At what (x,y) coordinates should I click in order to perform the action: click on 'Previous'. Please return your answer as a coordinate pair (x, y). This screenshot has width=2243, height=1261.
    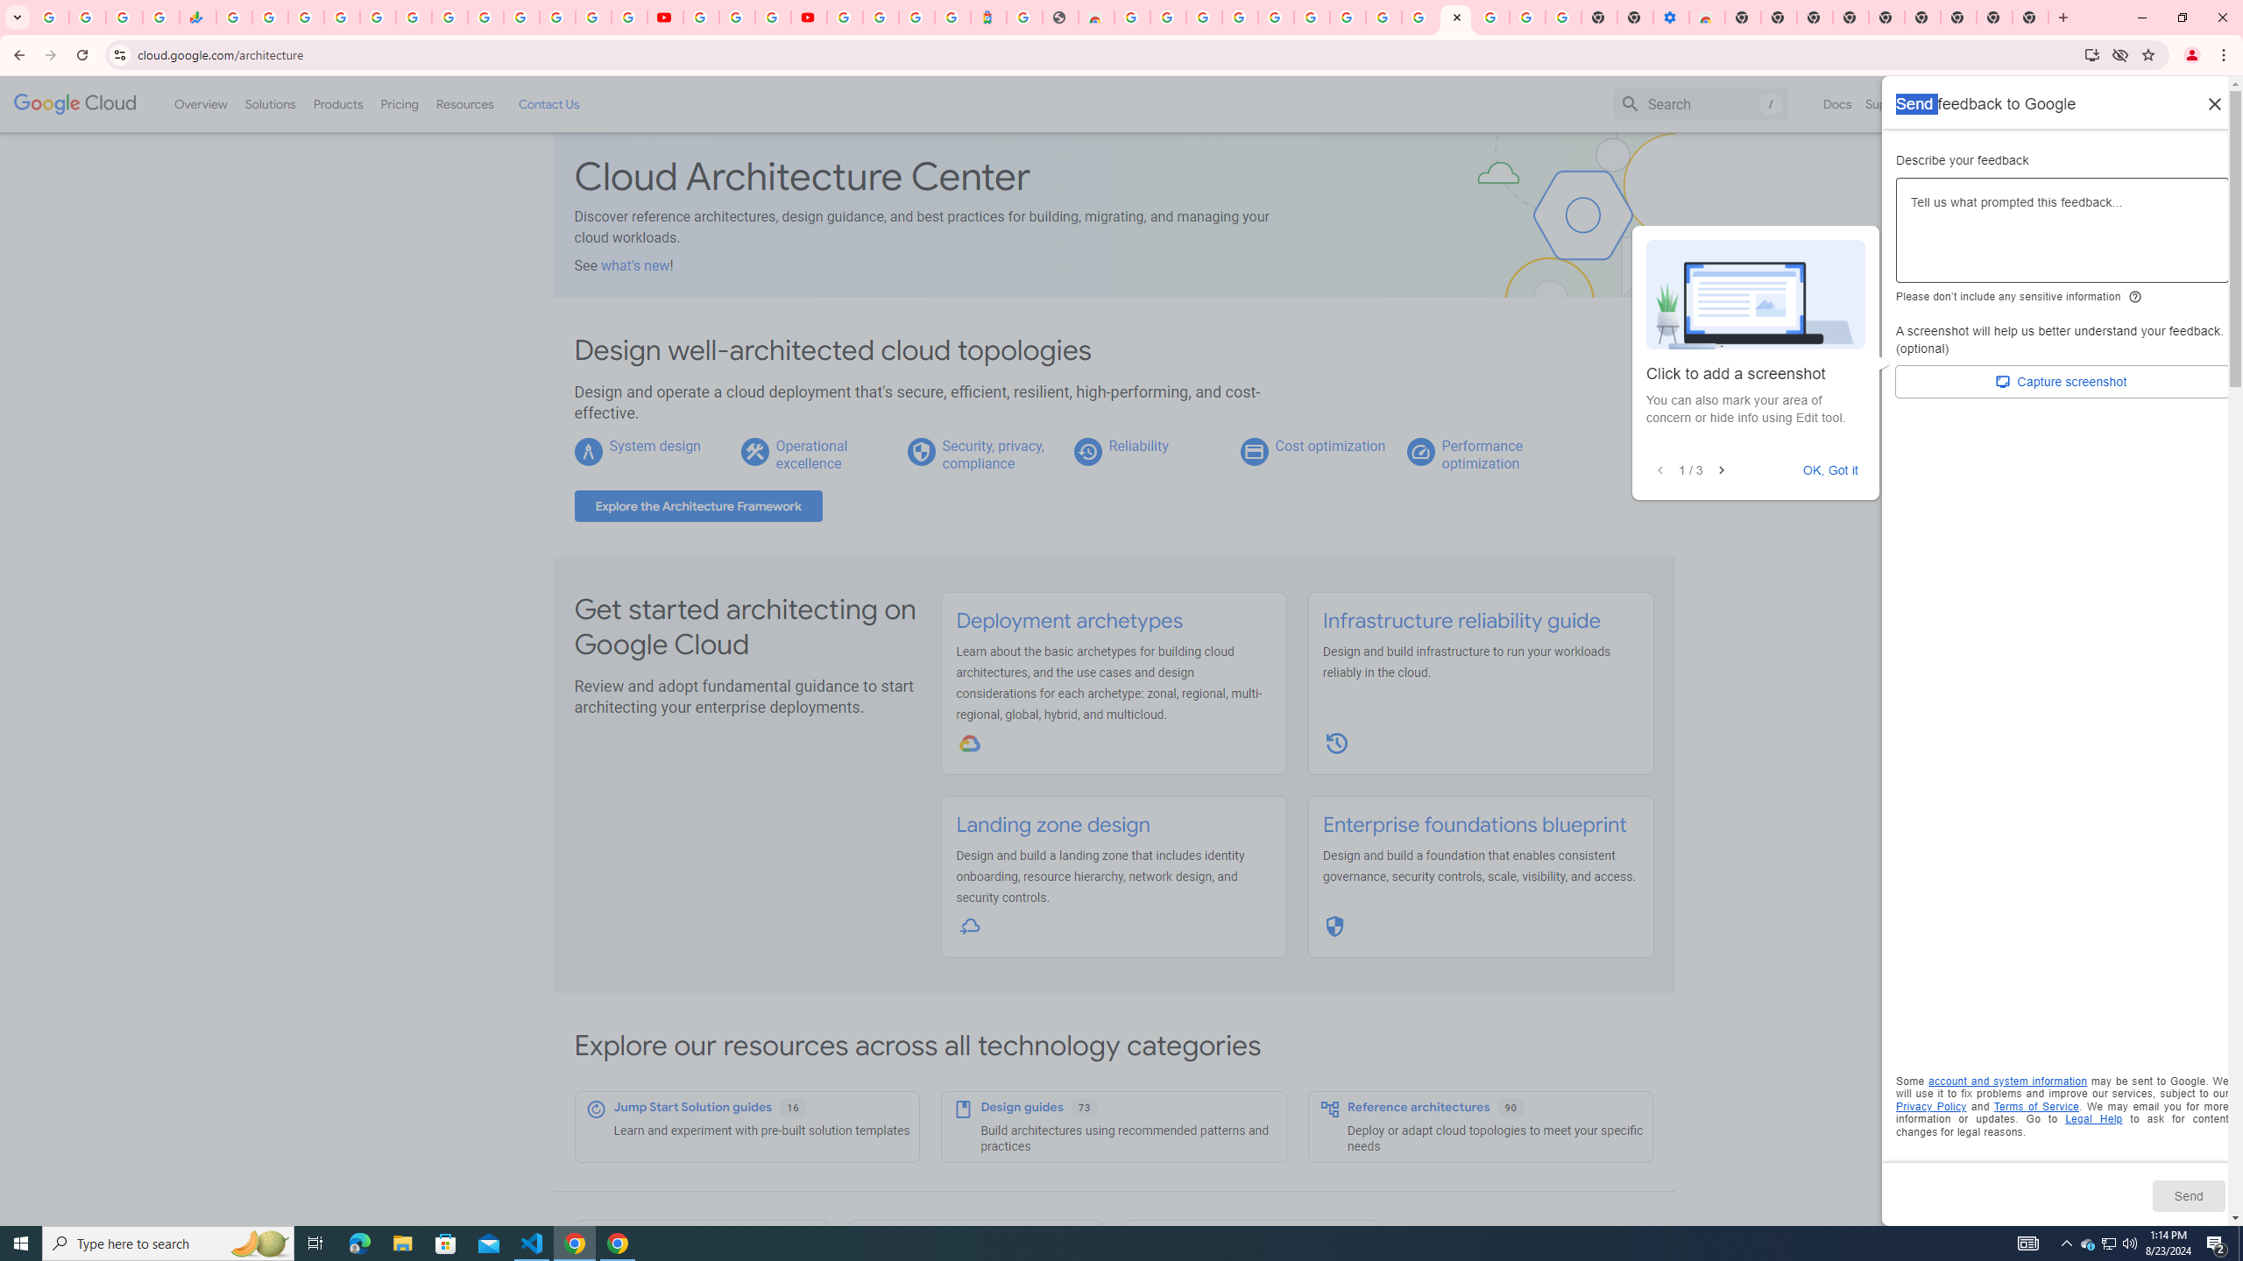
    Looking at the image, I should click on (1659, 469).